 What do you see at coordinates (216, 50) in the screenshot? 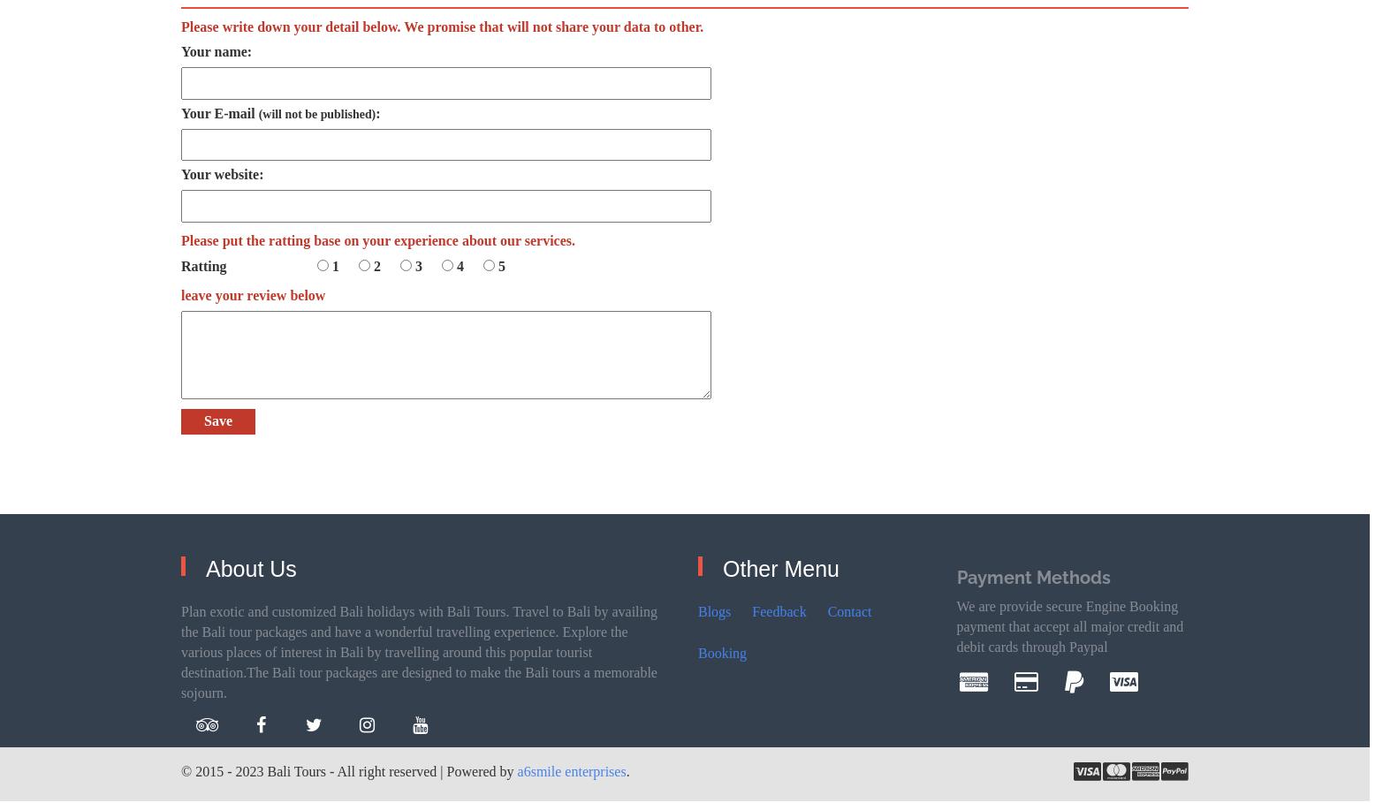
I see `'Your name:'` at bounding box center [216, 50].